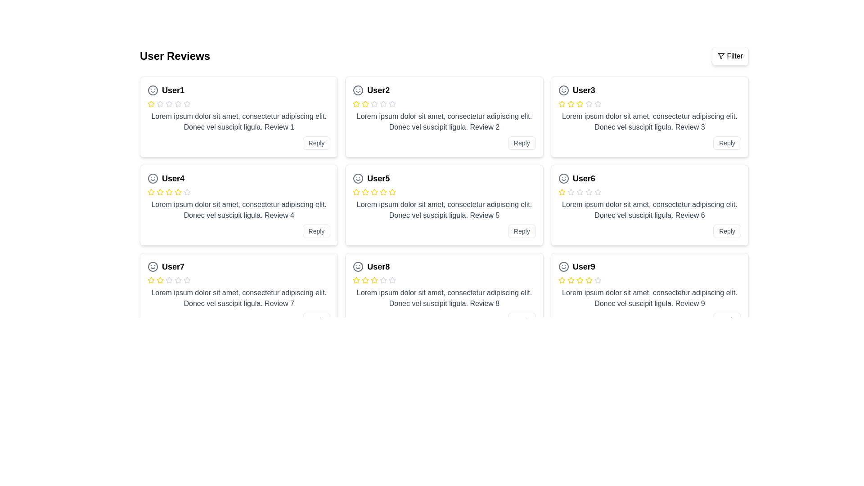 The height and width of the screenshot is (486, 864). What do you see at coordinates (584, 179) in the screenshot?
I see `the text label displaying 'User6', which is styled in bold and slightly larger font, located in the third row, first column of the main grid layout` at bounding box center [584, 179].